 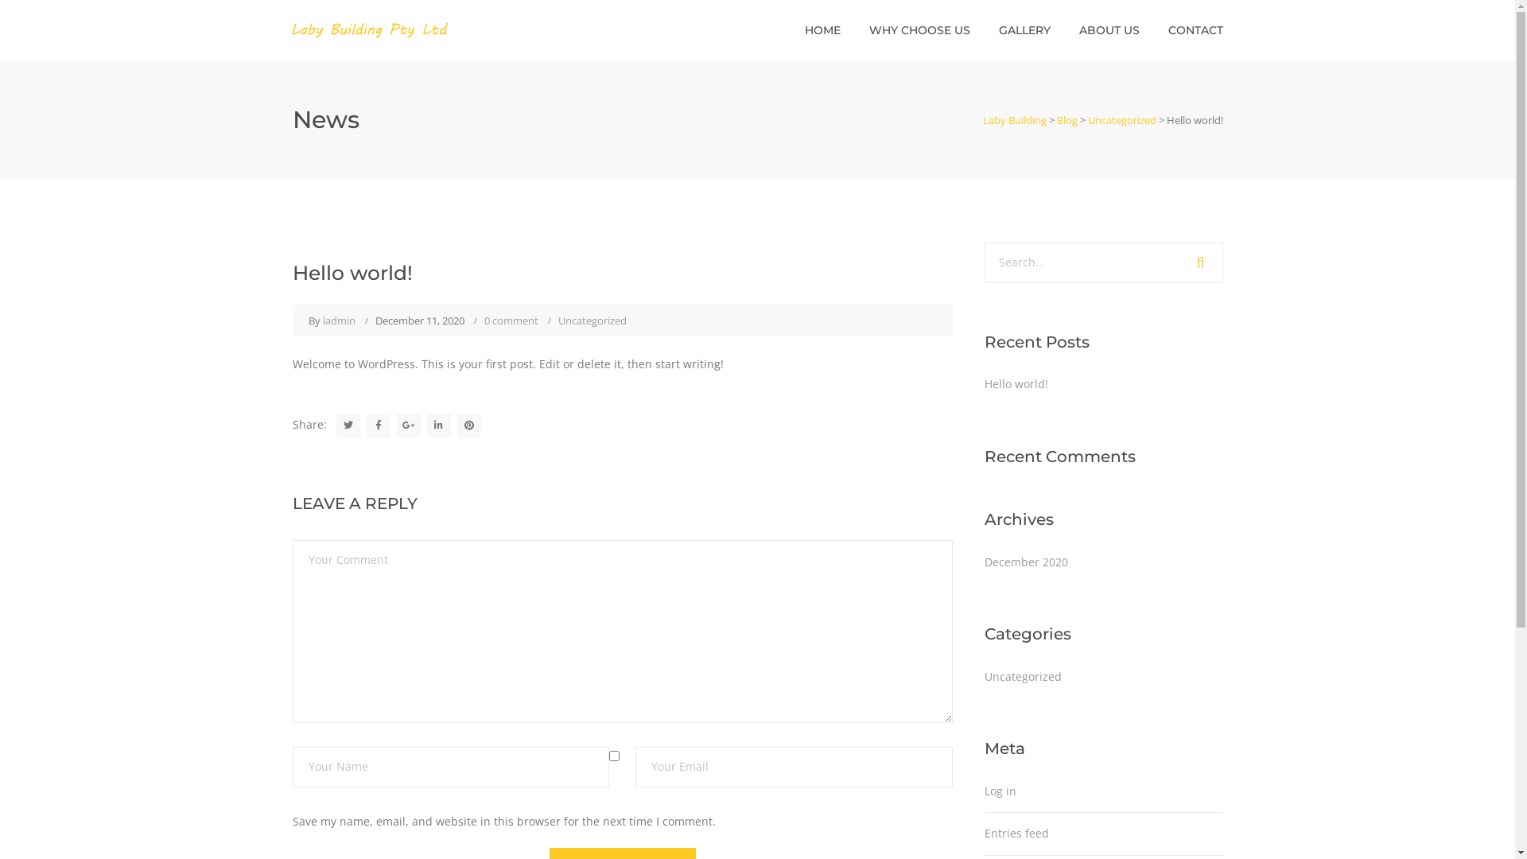 I want to click on 'ABOUT US', so click(x=1107, y=30).